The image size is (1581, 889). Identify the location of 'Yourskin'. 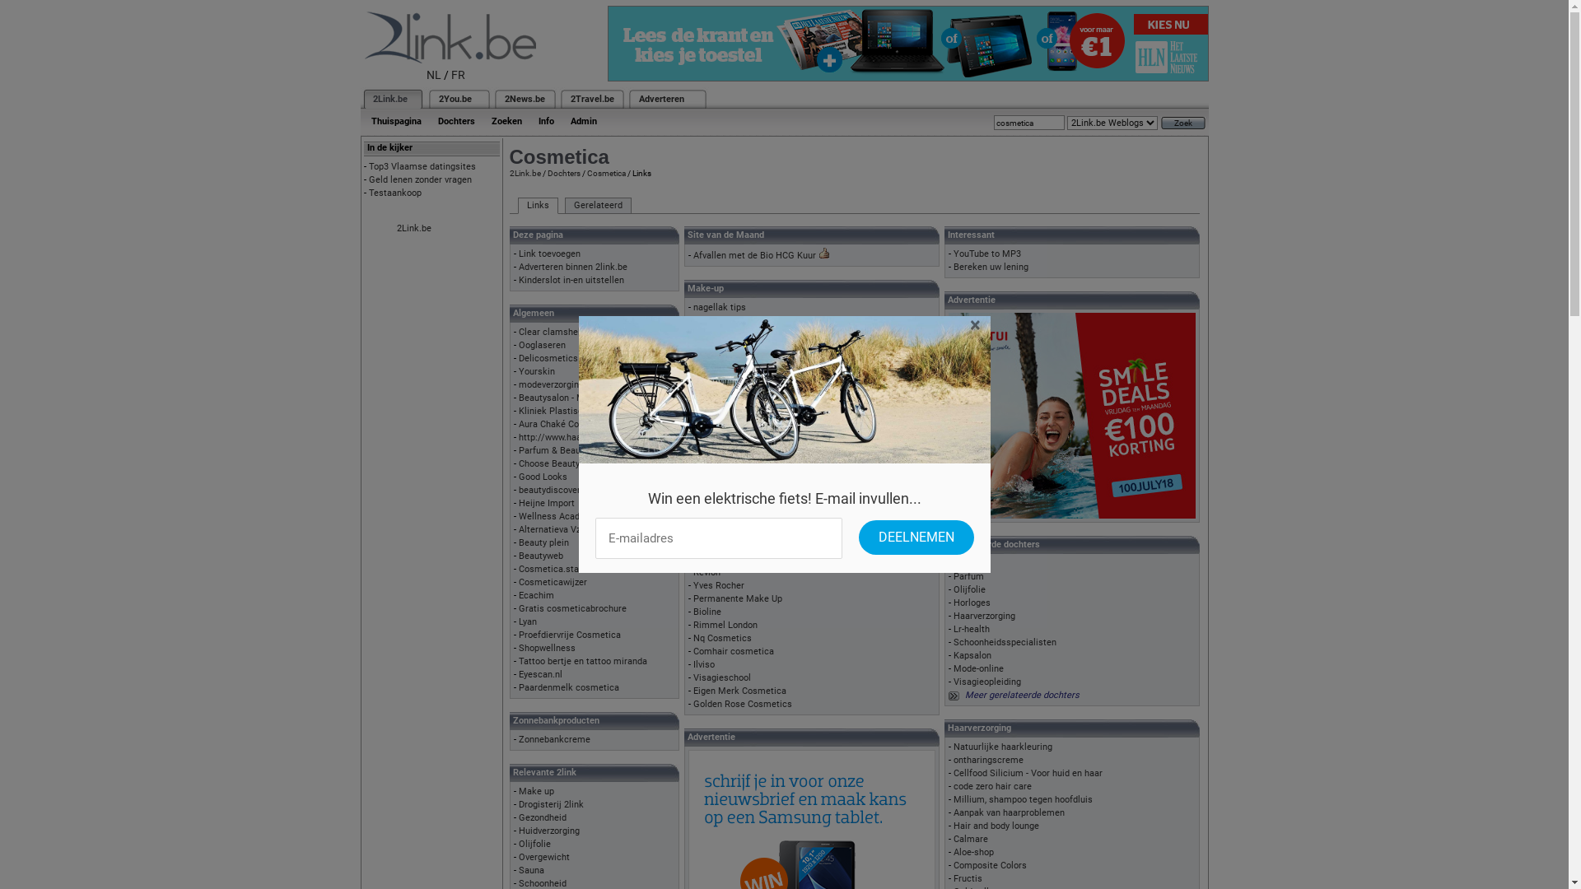
(537, 371).